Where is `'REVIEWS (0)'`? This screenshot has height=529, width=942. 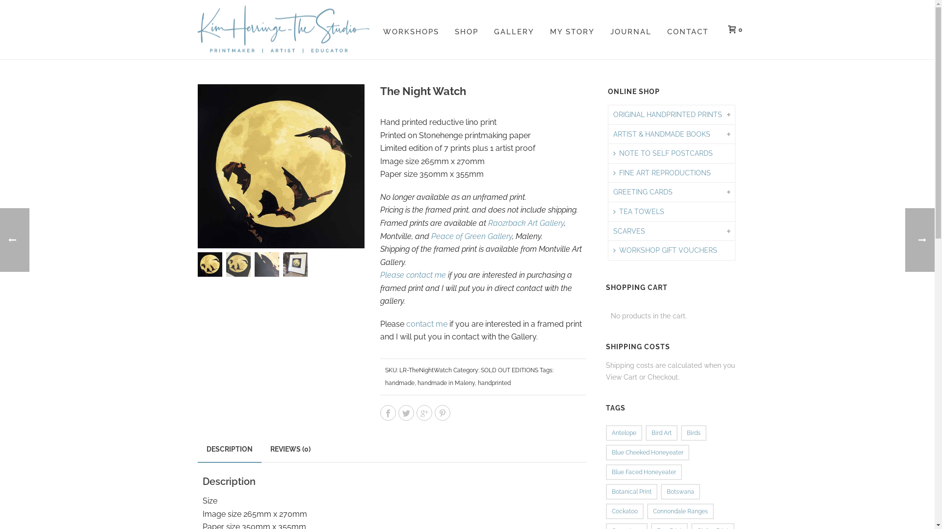 'REVIEWS (0)' is located at coordinates (289, 449).